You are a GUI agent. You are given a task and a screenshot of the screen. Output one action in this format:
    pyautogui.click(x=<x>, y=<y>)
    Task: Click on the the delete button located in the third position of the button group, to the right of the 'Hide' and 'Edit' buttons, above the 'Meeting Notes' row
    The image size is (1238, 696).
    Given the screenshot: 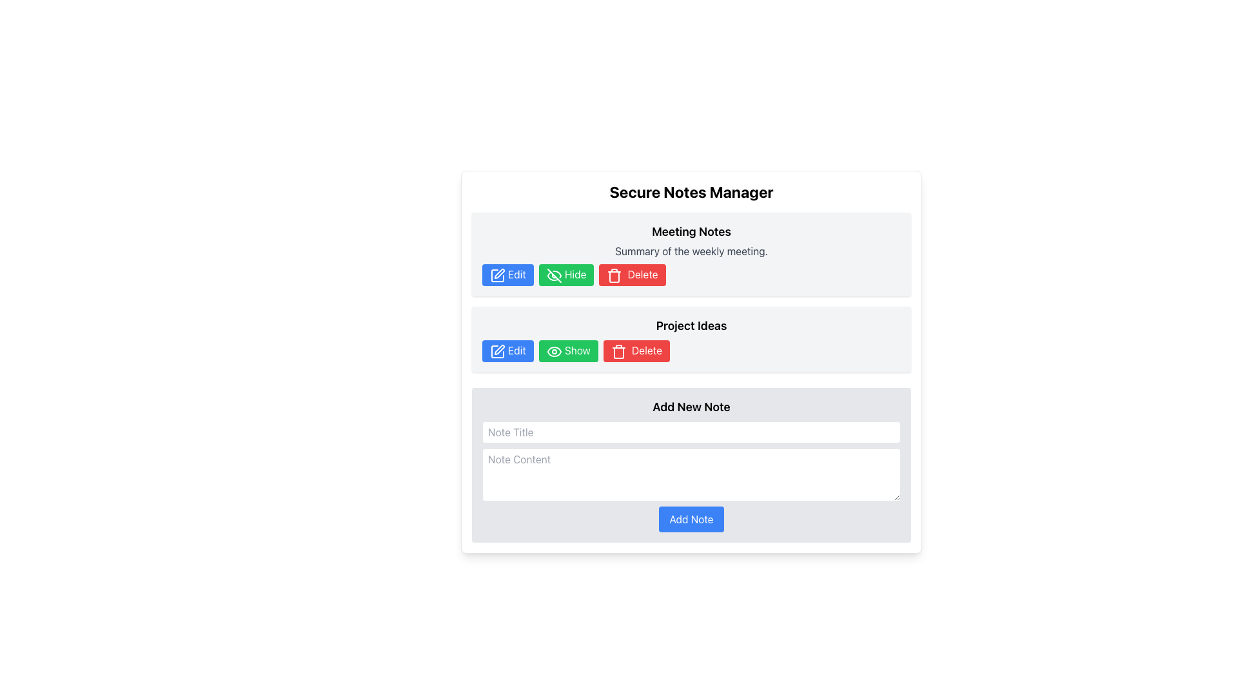 What is the action you would take?
    pyautogui.click(x=632, y=274)
    